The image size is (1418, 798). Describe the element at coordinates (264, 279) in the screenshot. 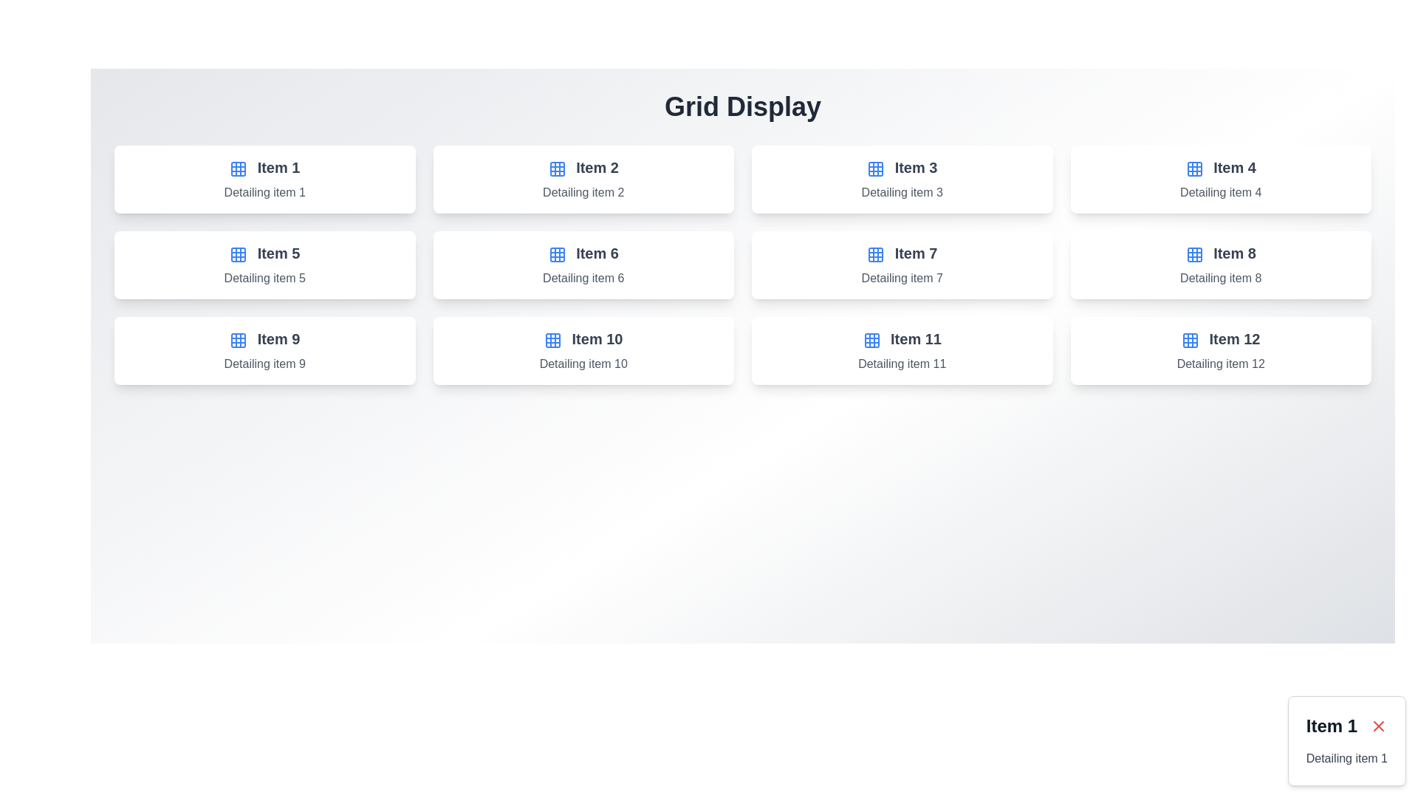

I see `the text label displaying 'Detailing item 5' in gray font, positioned below the bold heading 'Item 5' in the card component` at that location.